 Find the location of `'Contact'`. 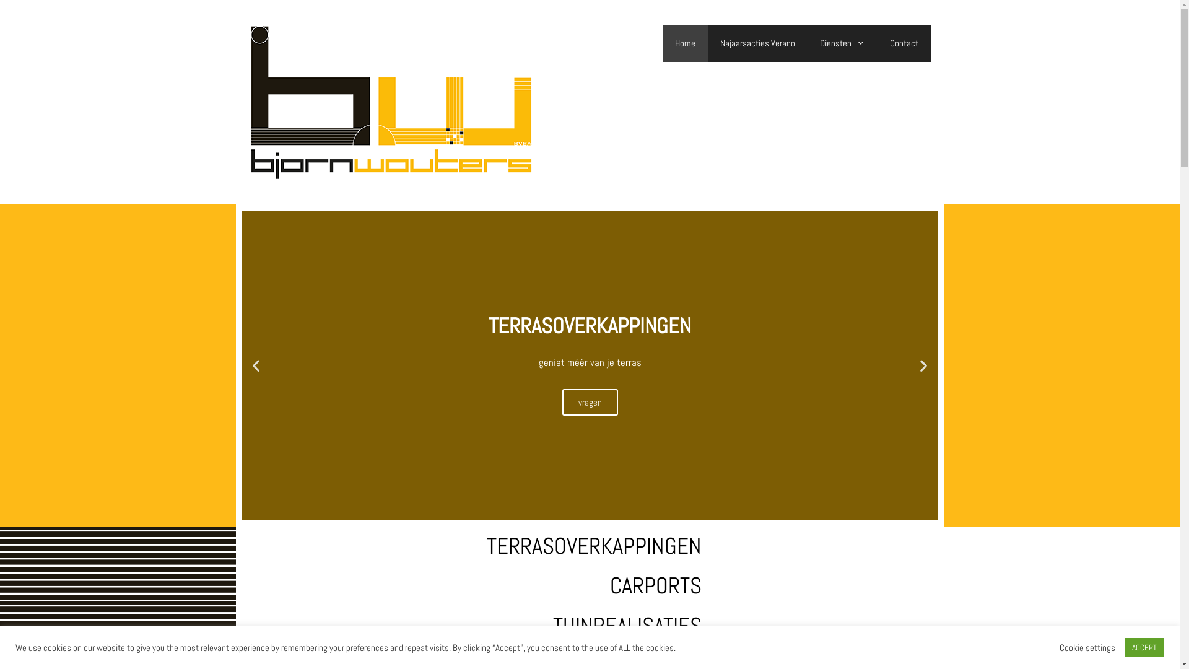

'Contact' is located at coordinates (876, 42).